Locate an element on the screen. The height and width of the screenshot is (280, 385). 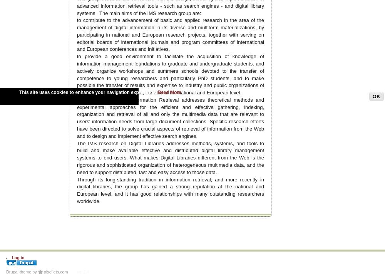
'This site uses cookies to enhance your navigation experience.' is located at coordinates (88, 92).